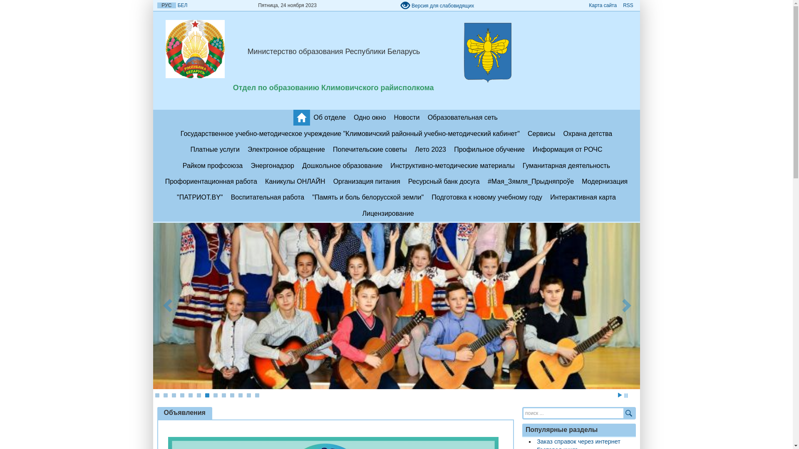 This screenshot has height=449, width=799. Describe the element at coordinates (207, 395) in the screenshot. I see `'7'` at that location.